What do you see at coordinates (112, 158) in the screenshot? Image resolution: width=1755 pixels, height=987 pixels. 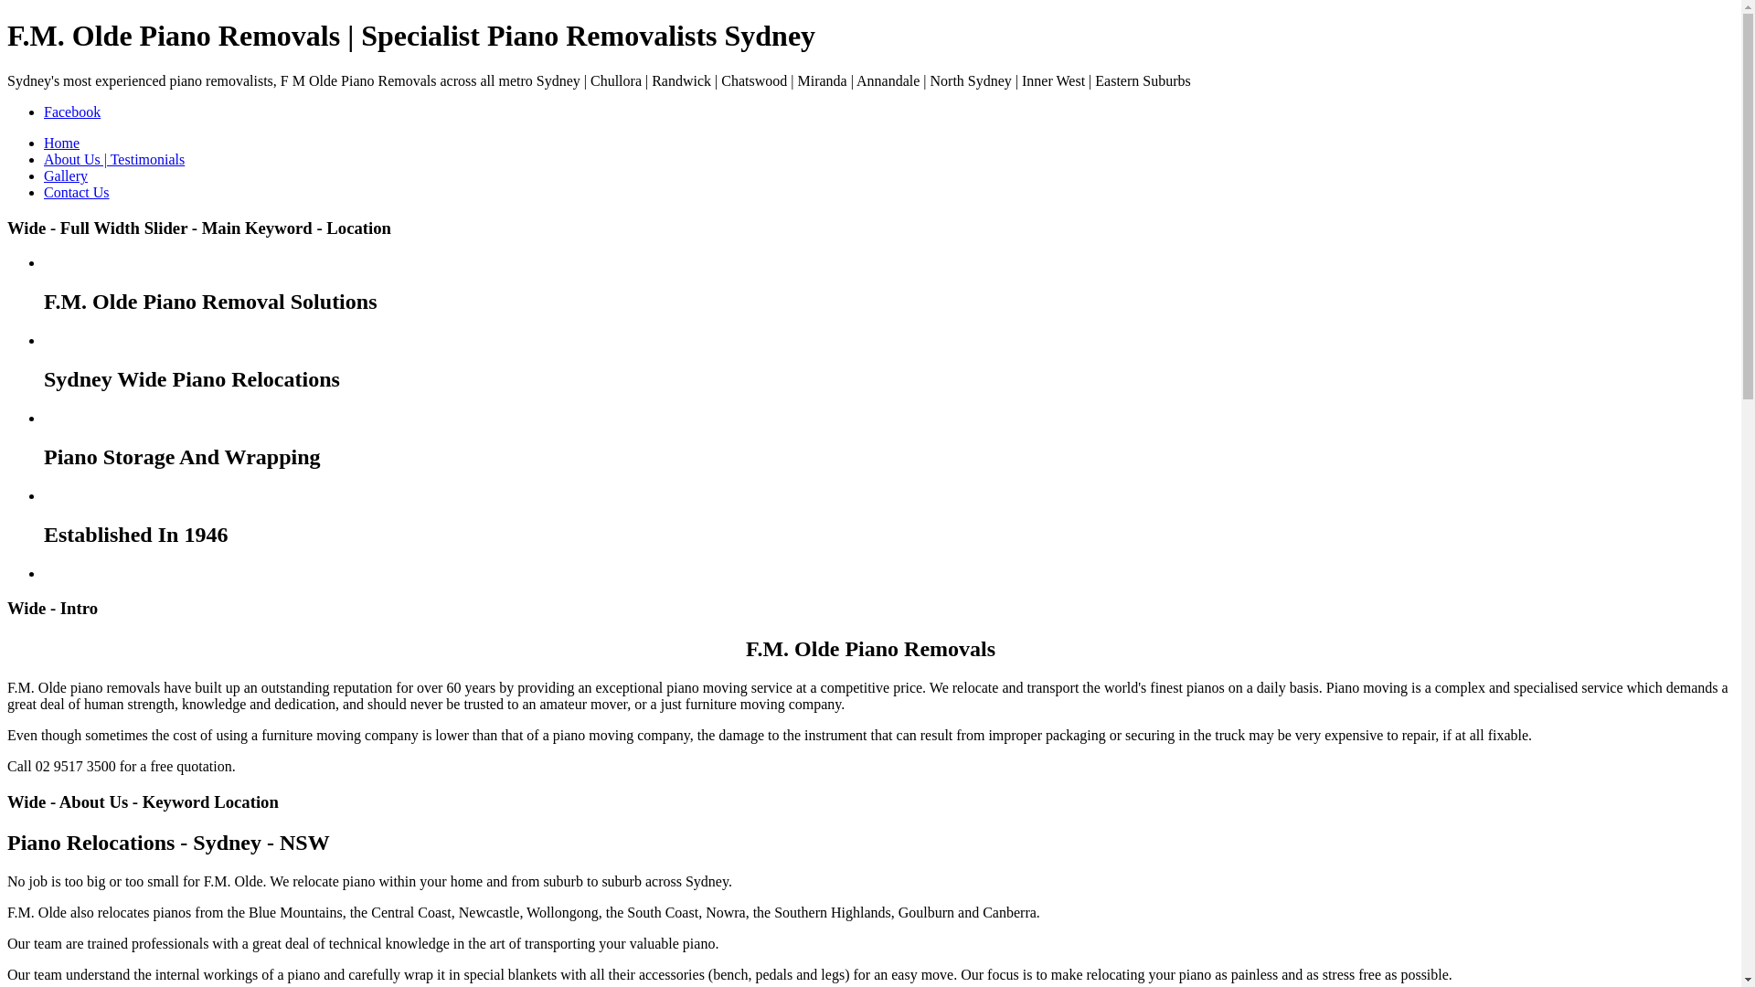 I see `'About Us | Testimonials'` at bounding box center [112, 158].